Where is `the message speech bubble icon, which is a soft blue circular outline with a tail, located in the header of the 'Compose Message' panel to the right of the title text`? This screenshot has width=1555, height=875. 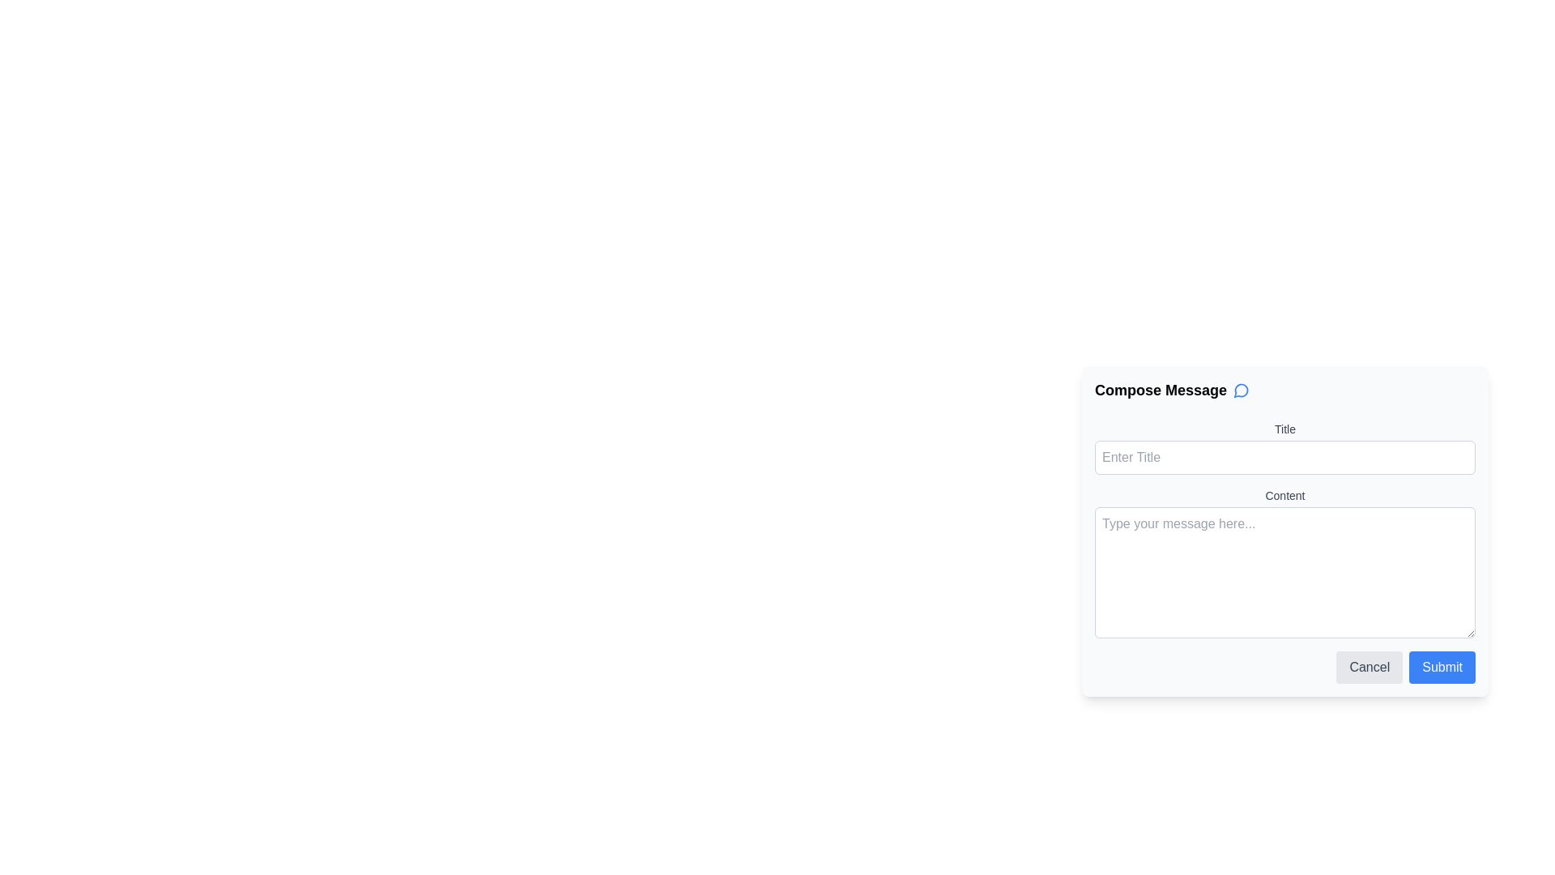
the message speech bubble icon, which is a soft blue circular outline with a tail, located in the header of the 'Compose Message' panel to the right of the title text is located at coordinates (1240, 391).